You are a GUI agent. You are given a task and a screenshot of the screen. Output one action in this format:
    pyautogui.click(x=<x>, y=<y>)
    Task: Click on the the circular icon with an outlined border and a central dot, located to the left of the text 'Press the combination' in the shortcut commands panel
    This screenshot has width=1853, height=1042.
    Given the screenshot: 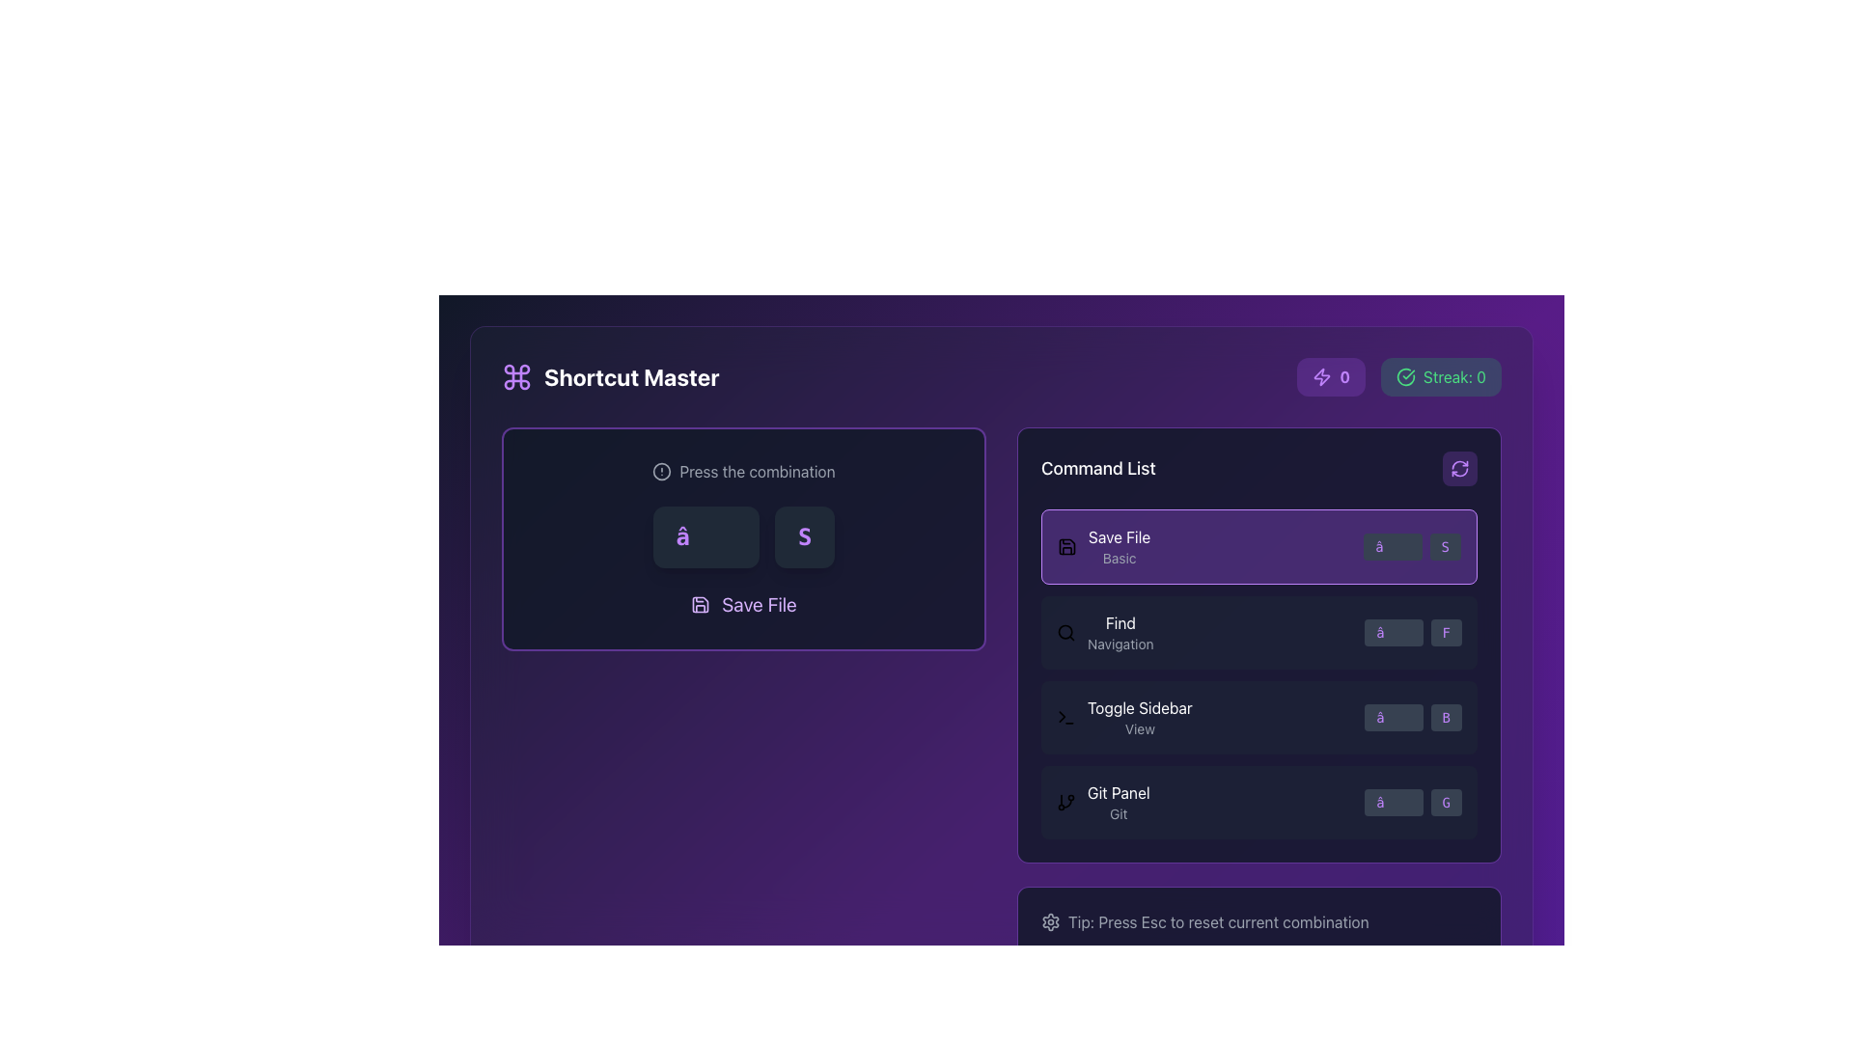 What is the action you would take?
    pyautogui.click(x=662, y=472)
    